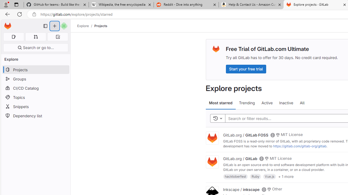  Describe the element at coordinates (247, 103) in the screenshot. I see `'Trending'` at that location.